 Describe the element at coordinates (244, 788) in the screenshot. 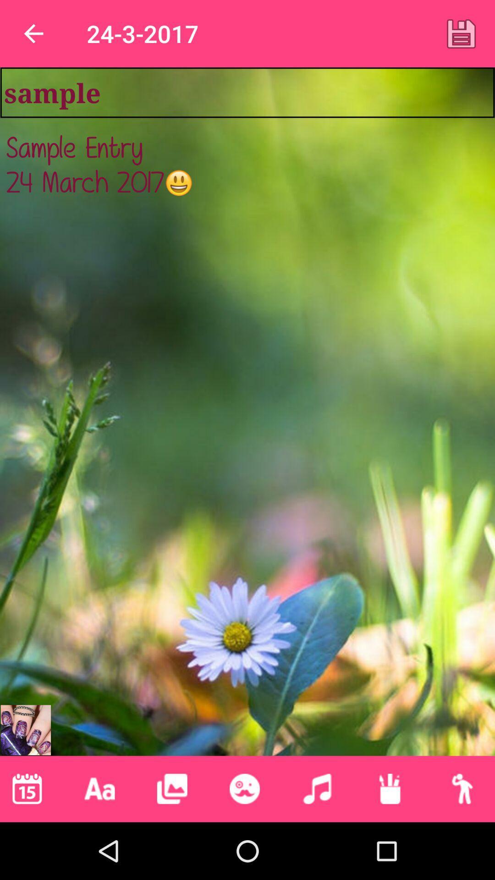

I see `icon below the sample entry 24 item` at that location.